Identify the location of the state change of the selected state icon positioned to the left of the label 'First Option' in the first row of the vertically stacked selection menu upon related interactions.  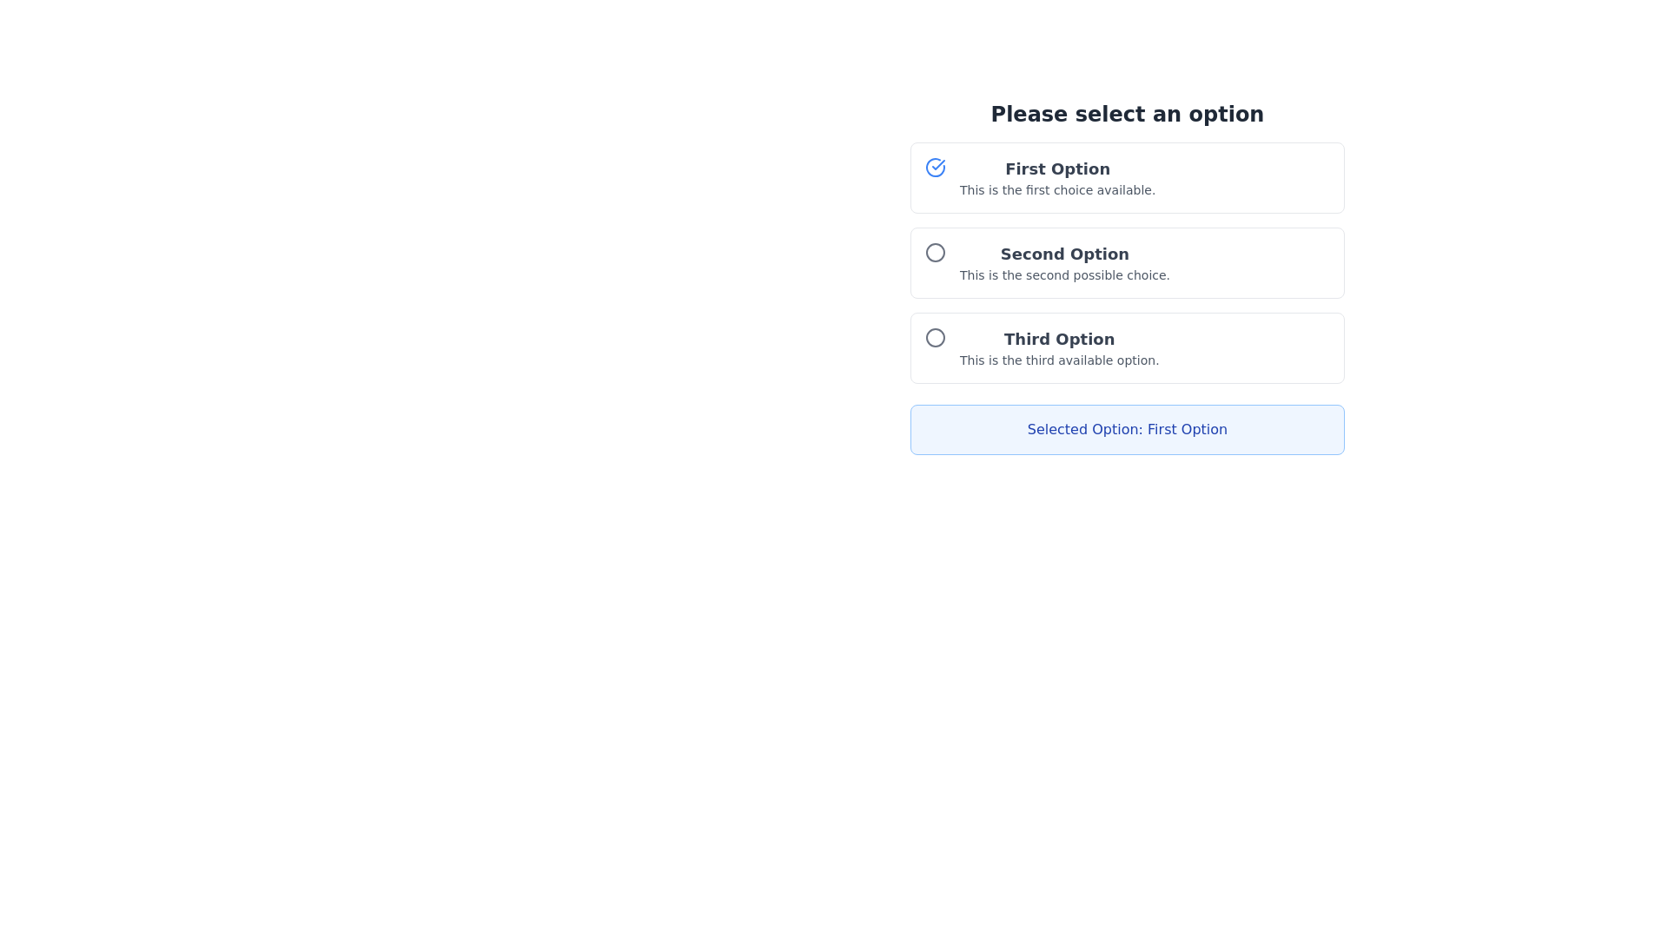
(934, 177).